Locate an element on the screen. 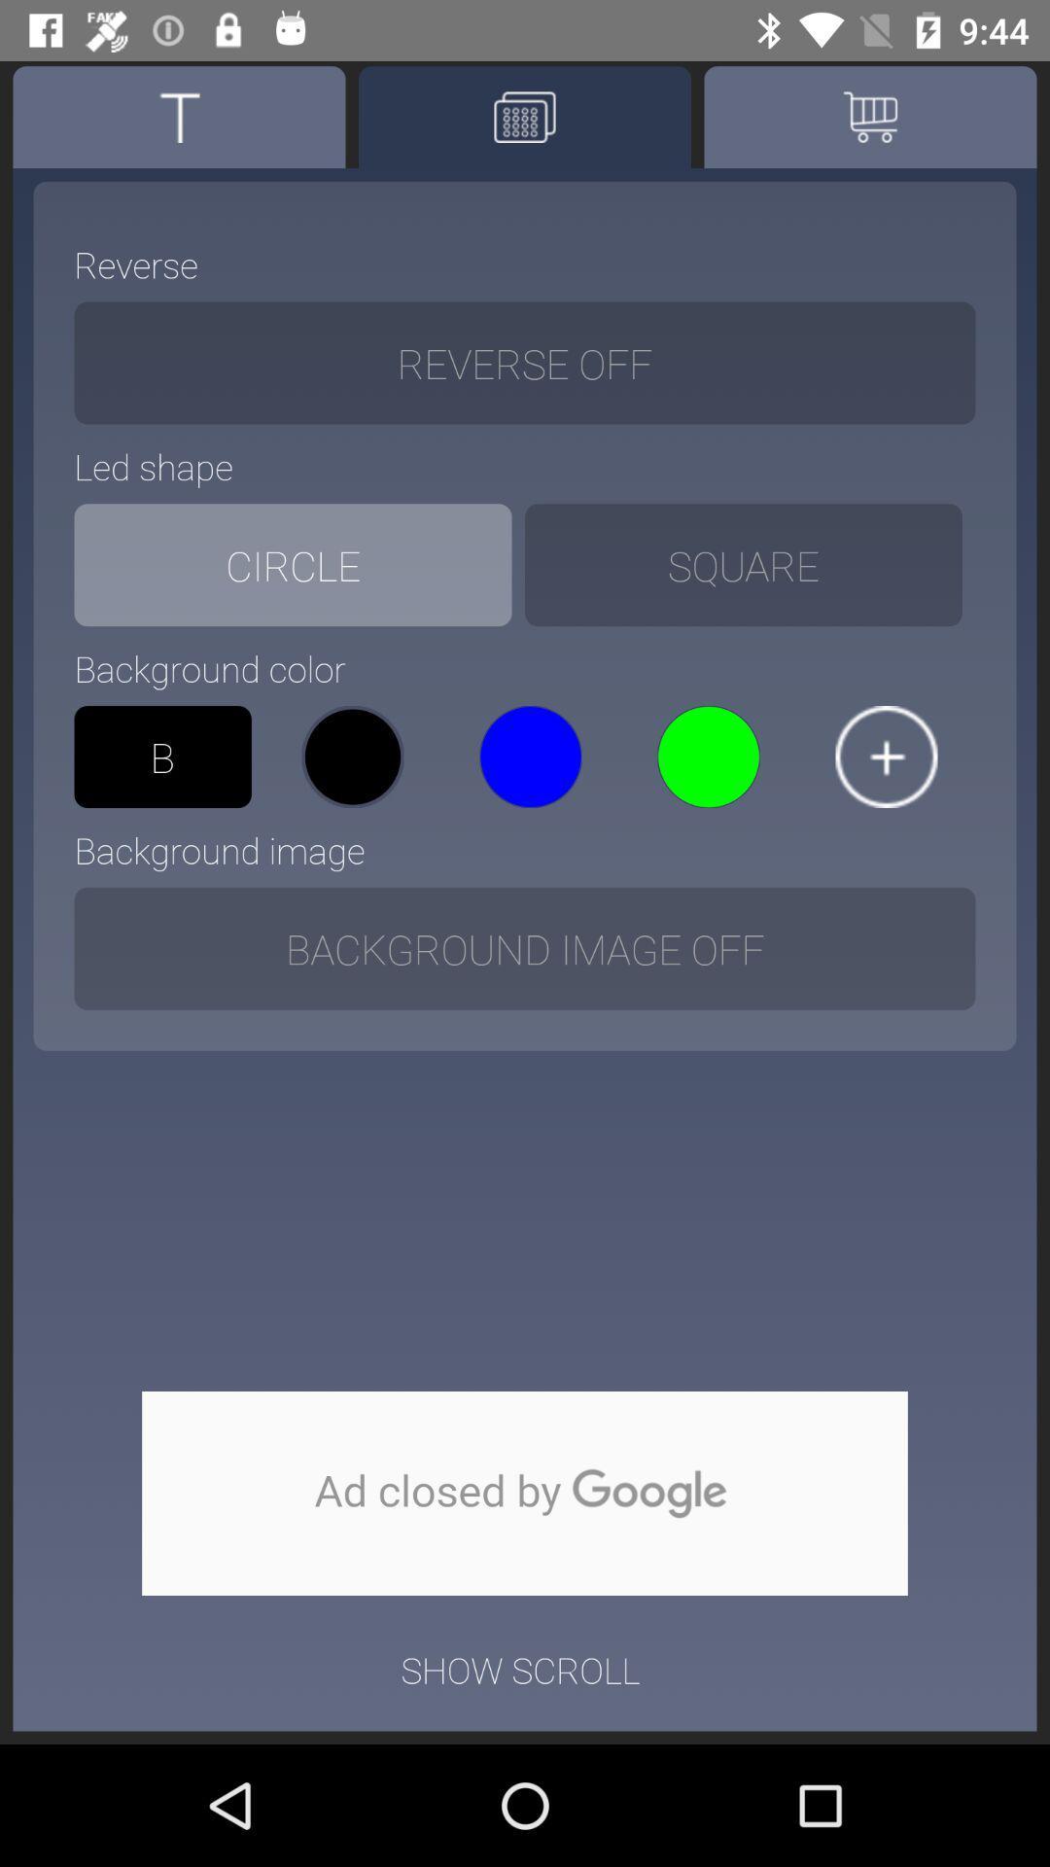  shows plus symbol is located at coordinates (886, 756).